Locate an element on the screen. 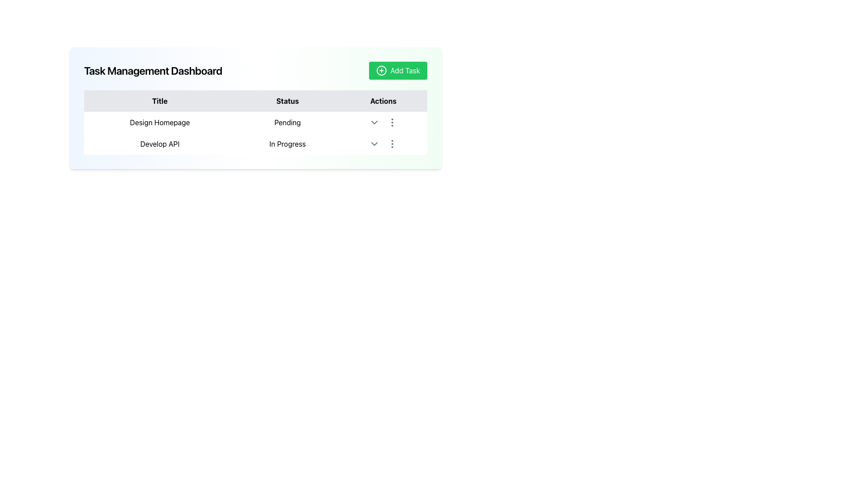 This screenshot has width=859, height=483. the cluster of three vertical dots in the Actions column of the task management dashboard for additional actions is located at coordinates (383, 122).